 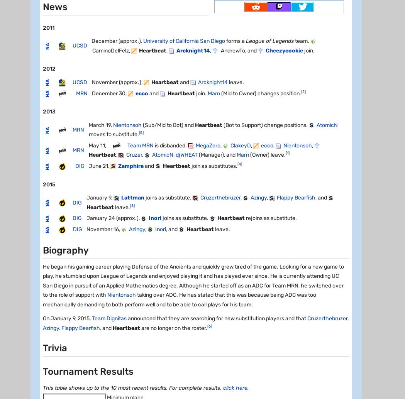 What do you see at coordinates (53, 157) in the screenshot?
I see `'What is Fandom?'` at bounding box center [53, 157].